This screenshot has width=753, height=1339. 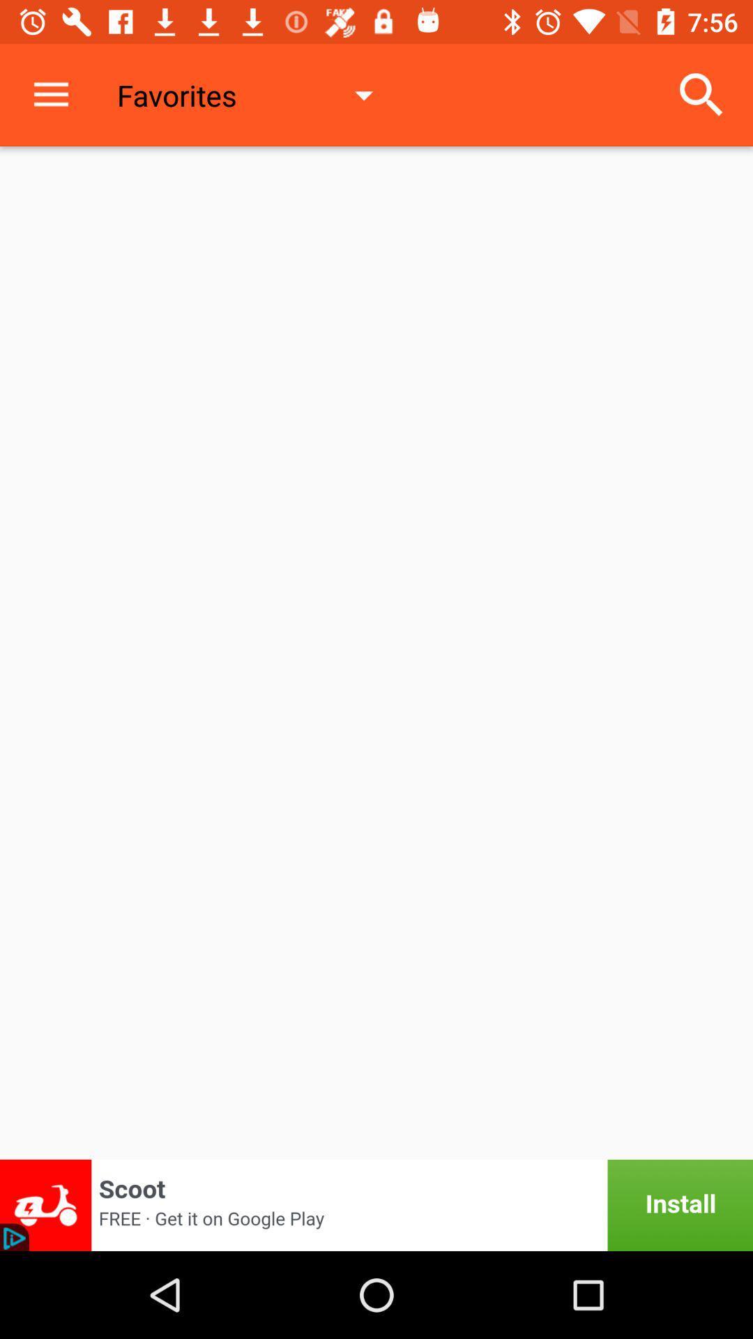 What do you see at coordinates (376, 1204) in the screenshot?
I see `this is an advertisement` at bounding box center [376, 1204].